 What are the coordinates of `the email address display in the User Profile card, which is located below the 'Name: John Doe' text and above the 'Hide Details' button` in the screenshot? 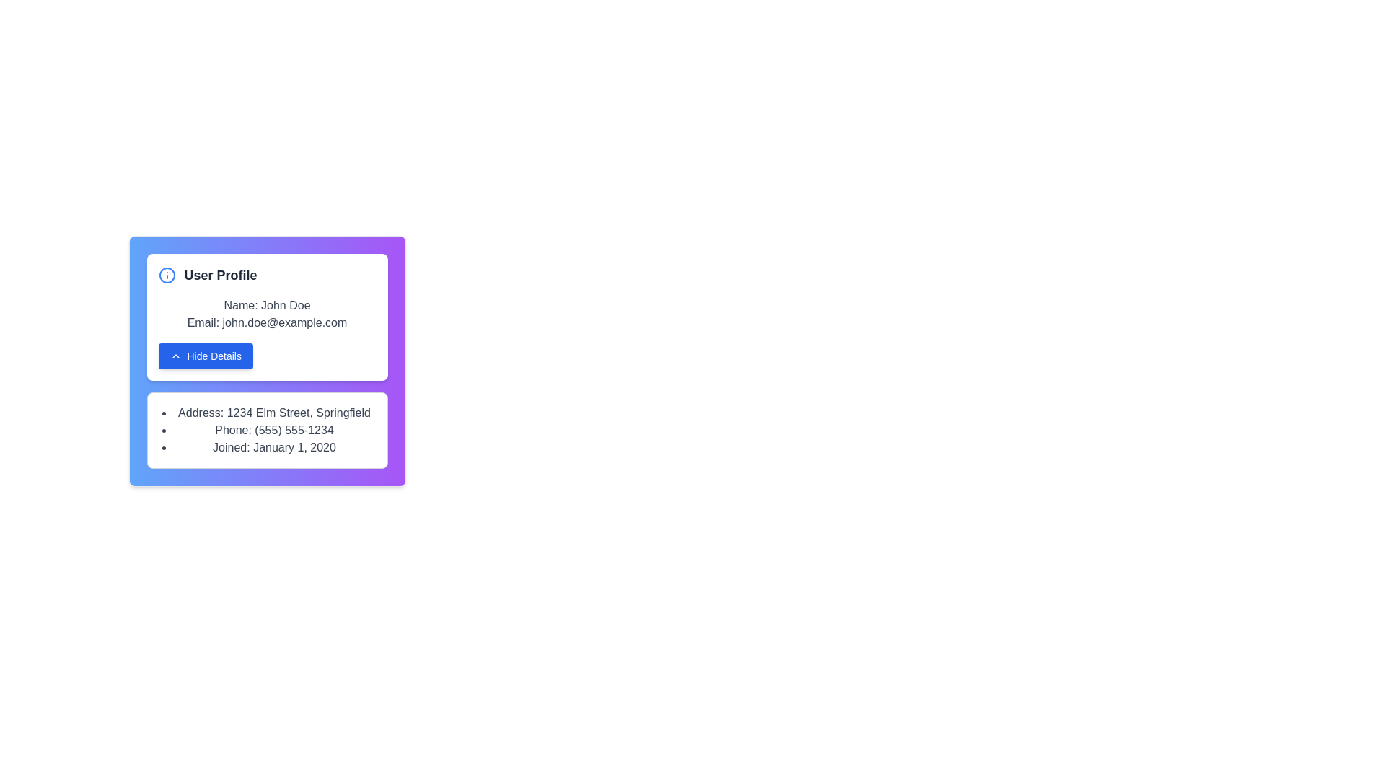 It's located at (267, 322).